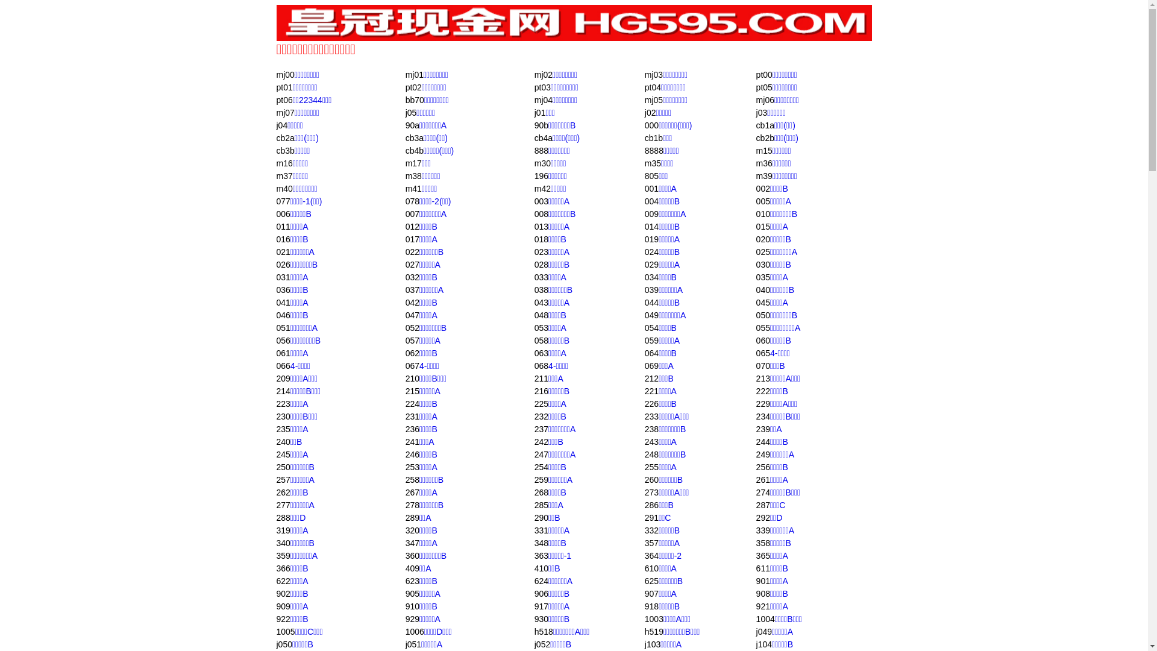 Image resolution: width=1157 pixels, height=651 pixels. What do you see at coordinates (405, 264) in the screenshot?
I see `'027'` at bounding box center [405, 264].